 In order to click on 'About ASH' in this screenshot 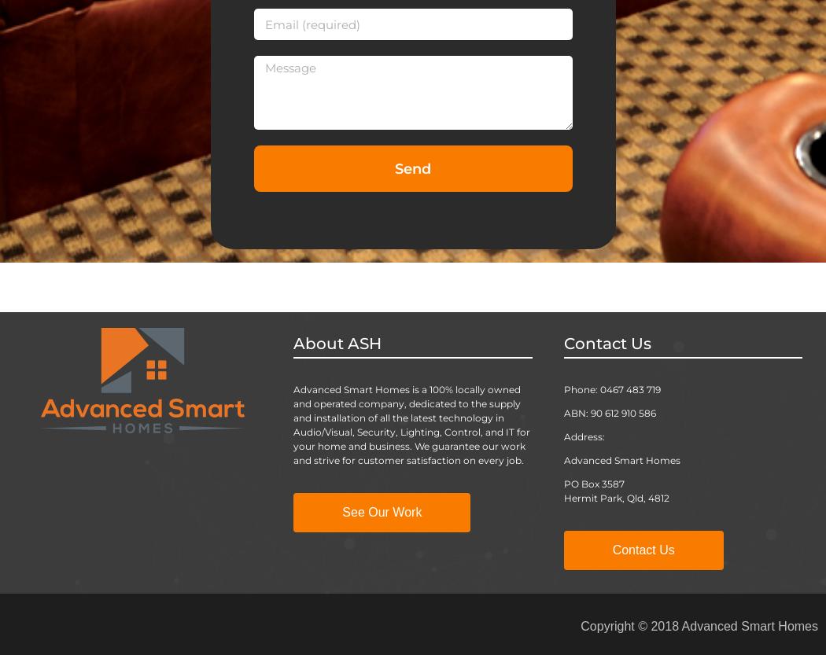, I will do `click(292, 342)`.